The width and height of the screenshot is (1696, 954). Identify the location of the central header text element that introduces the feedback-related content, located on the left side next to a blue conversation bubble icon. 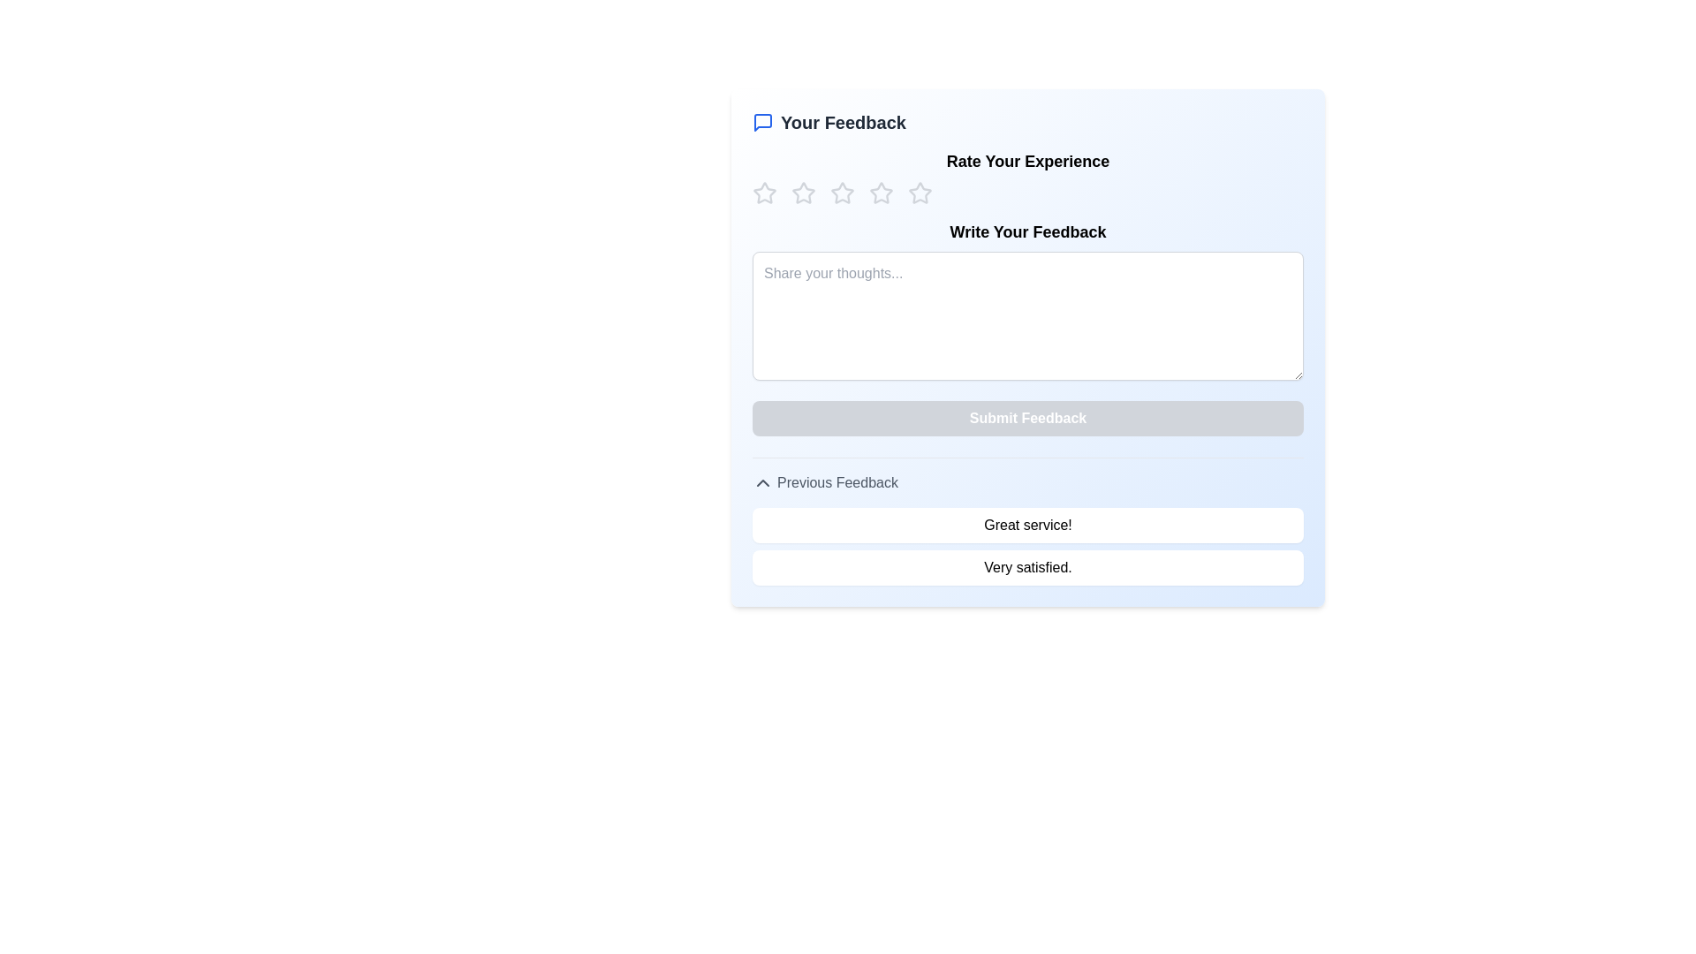
(843, 121).